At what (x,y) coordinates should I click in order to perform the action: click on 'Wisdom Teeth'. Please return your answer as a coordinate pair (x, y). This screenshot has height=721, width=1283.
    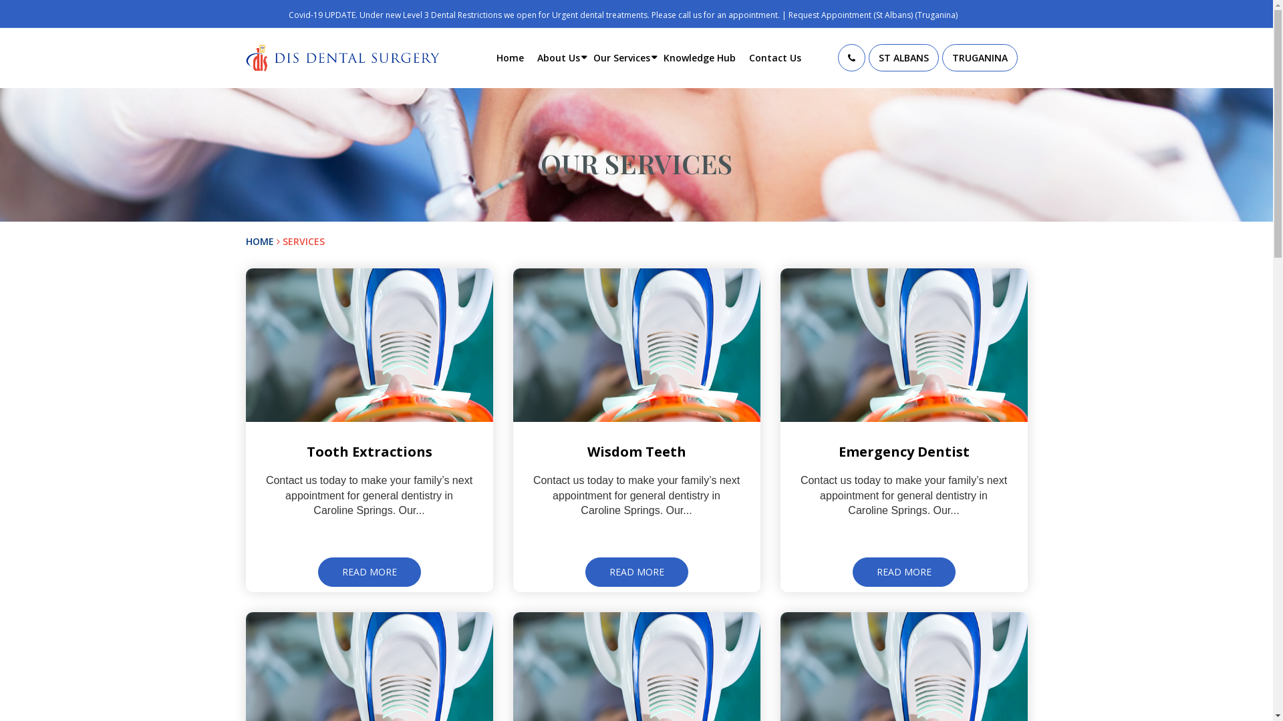
    Looking at the image, I should click on (635, 451).